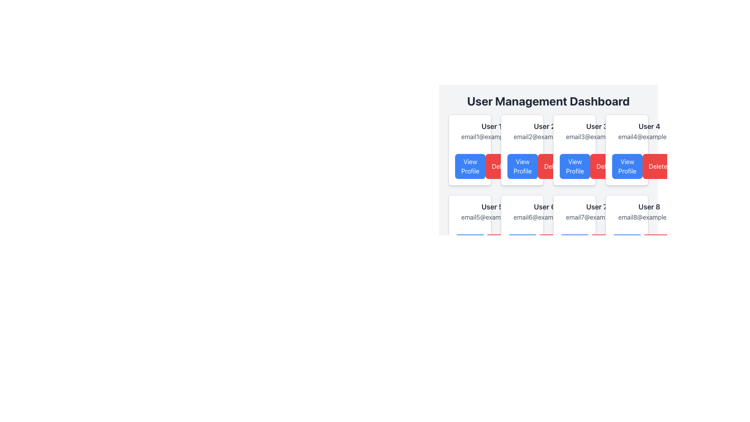 Image resolution: width=750 pixels, height=422 pixels. I want to click on the text label displaying 'User 7', which serves as an identifier for the associated user profile, so click(596, 206).